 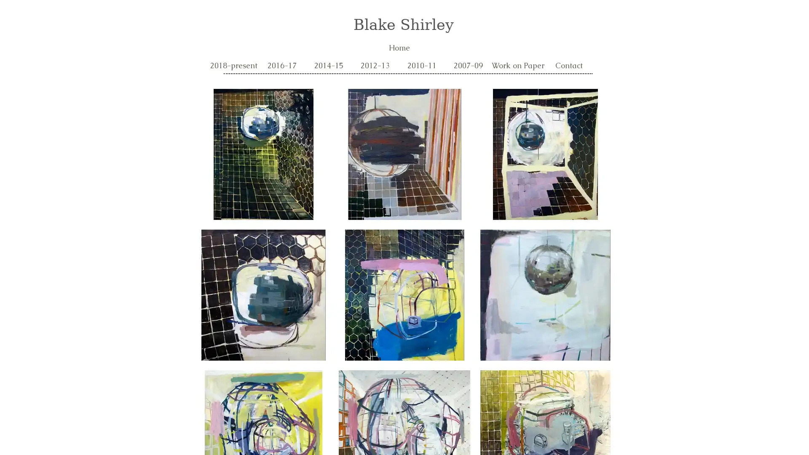 I want to click on 2.jpg, so click(x=545, y=154).